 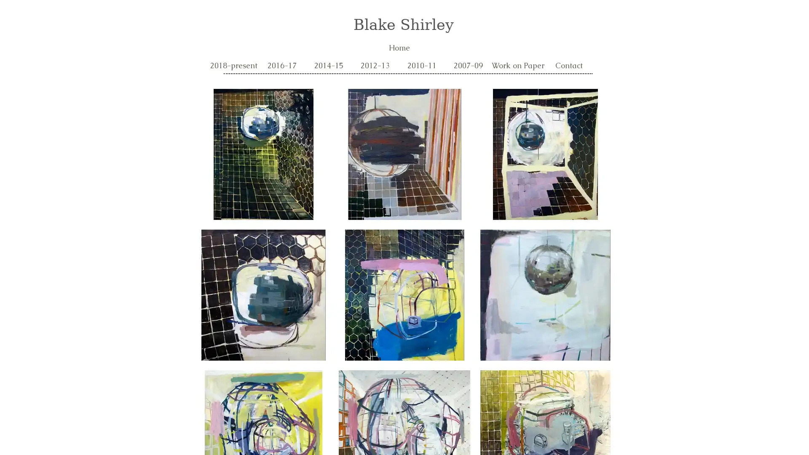 I want to click on 2.jpg, so click(x=545, y=154).